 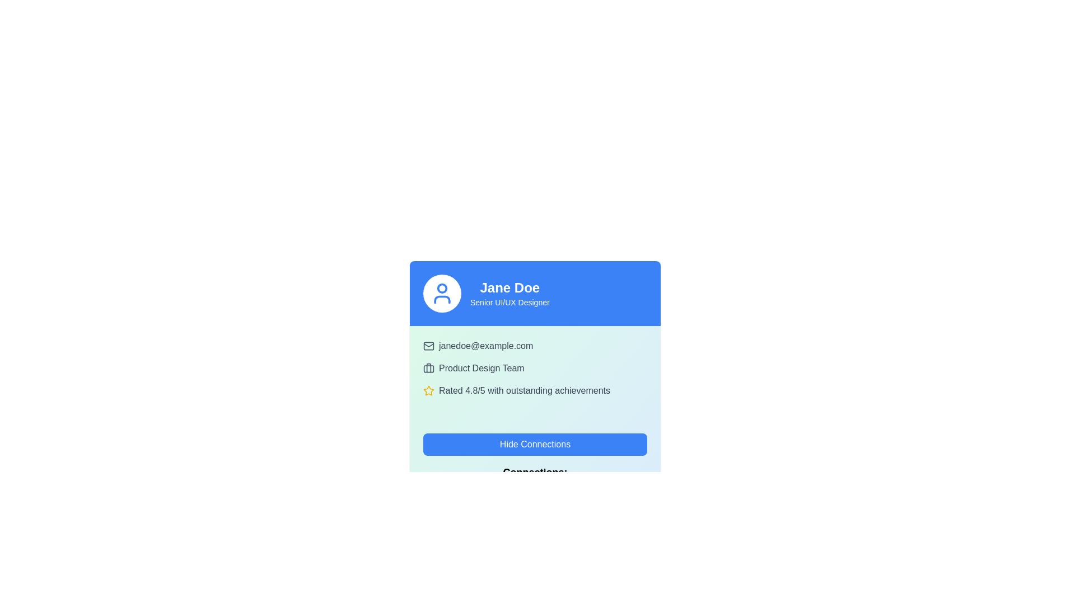 What do you see at coordinates (442, 292) in the screenshot?
I see `the Profile picture icon for user 'Jane Doe' located at the top-left corner of the profile card` at bounding box center [442, 292].